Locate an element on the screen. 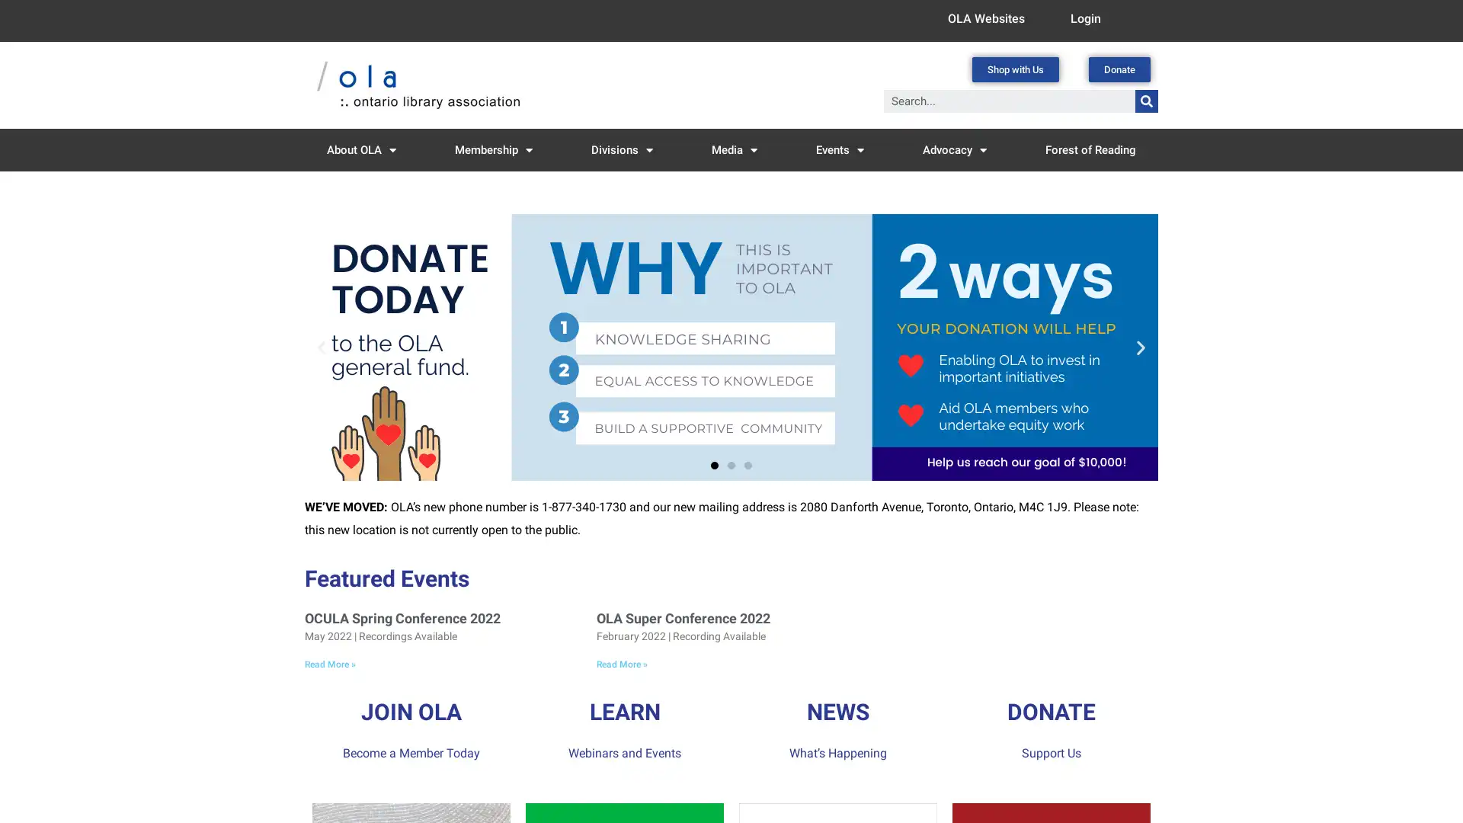 The image size is (1463, 823). Go to slide 2 is located at coordinates (731, 464).